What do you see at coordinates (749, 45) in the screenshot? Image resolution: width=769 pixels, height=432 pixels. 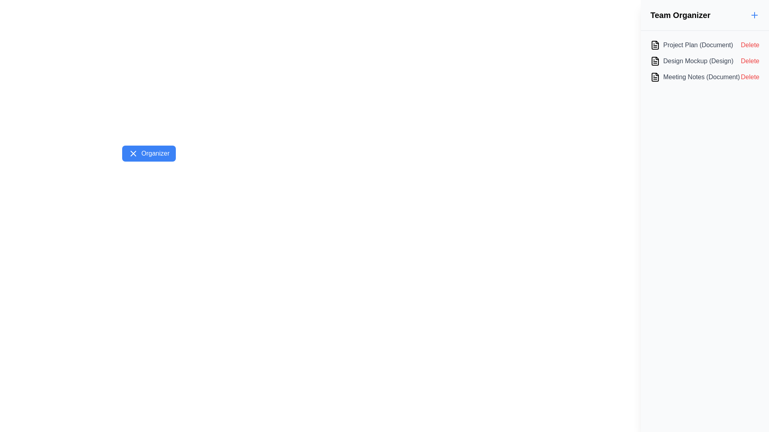 I see `the deletion button located to the right of the 'Project Plan (Document)' label` at bounding box center [749, 45].